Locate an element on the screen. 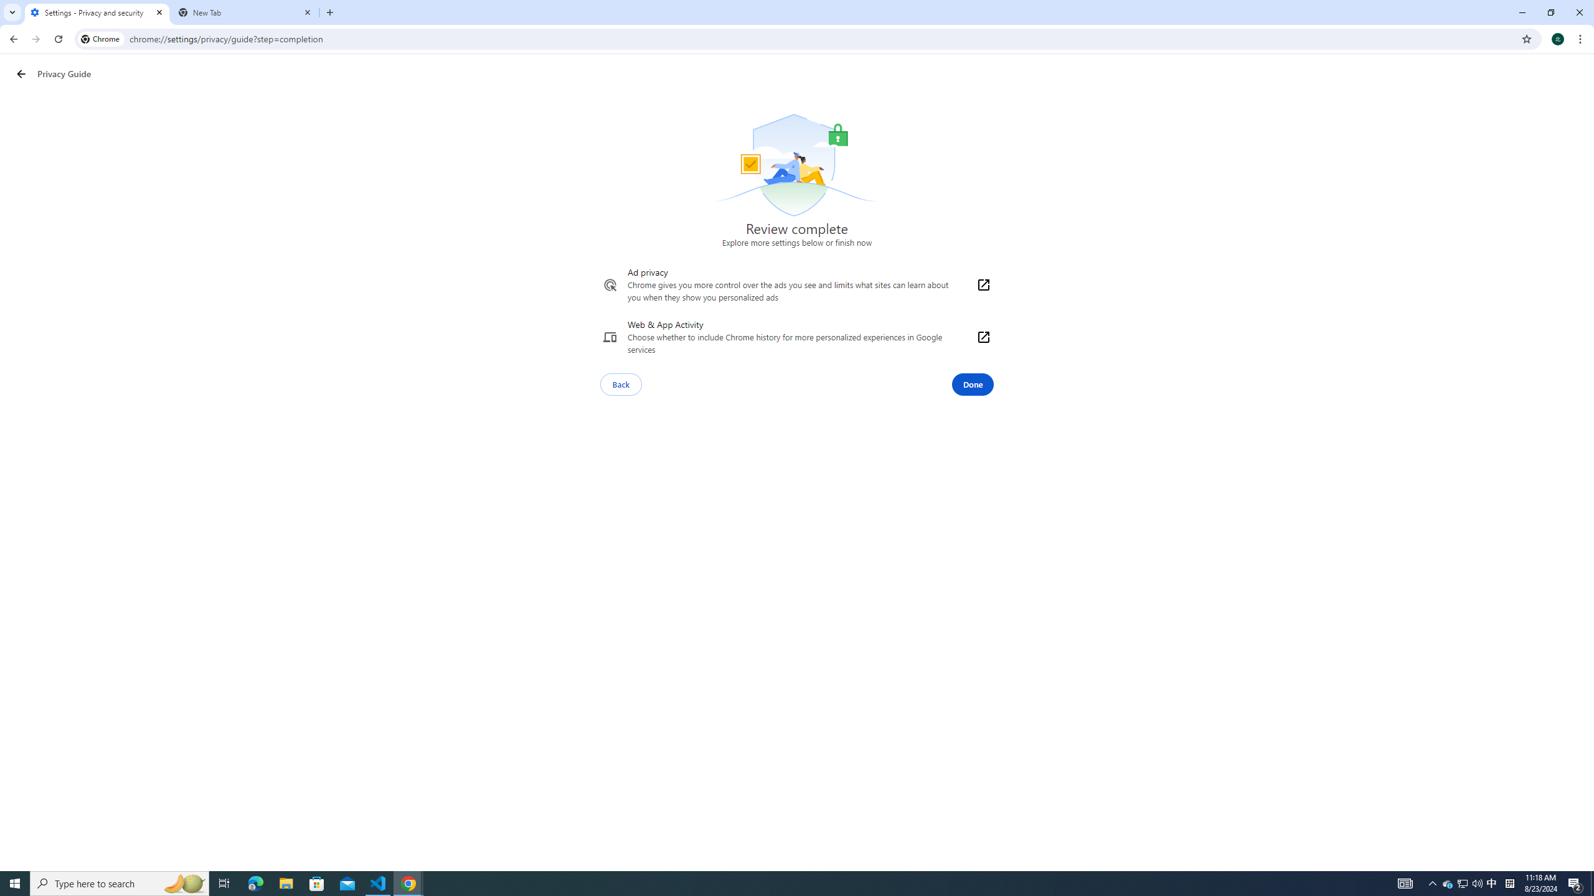  'New Tab' is located at coordinates (245, 12).